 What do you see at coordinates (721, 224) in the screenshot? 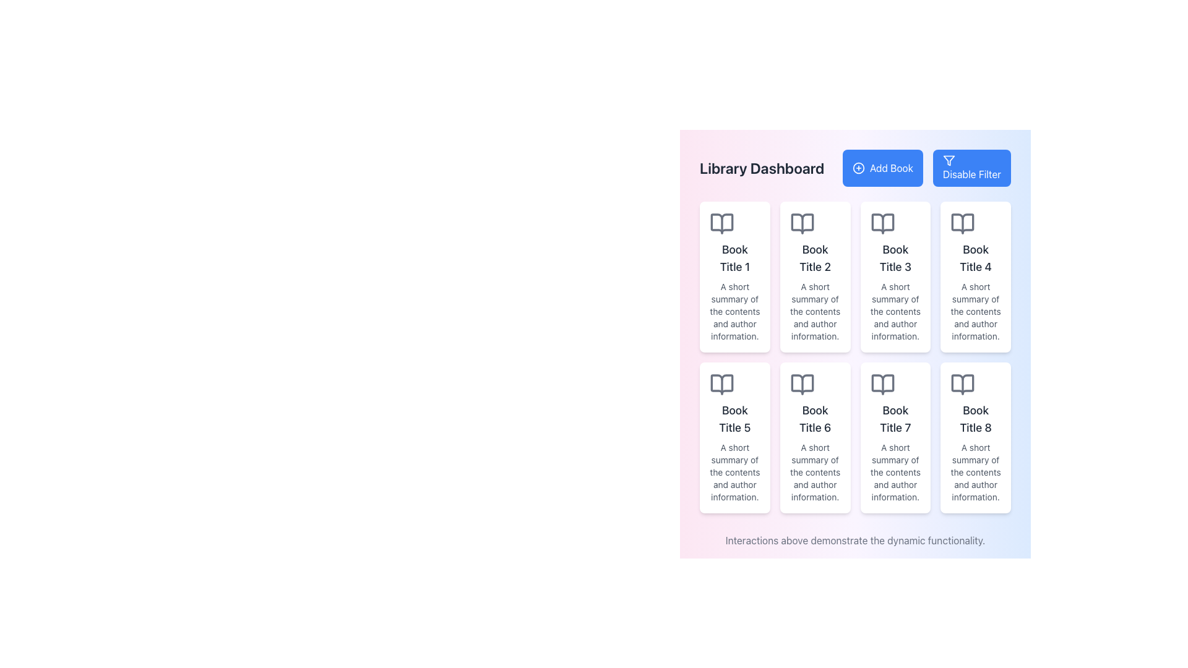
I see `the book icon located in the top section of the card labeled 'Book Title 1', which is positioned in the top-left corner of the library dashboard interface` at bounding box center [721, 224].